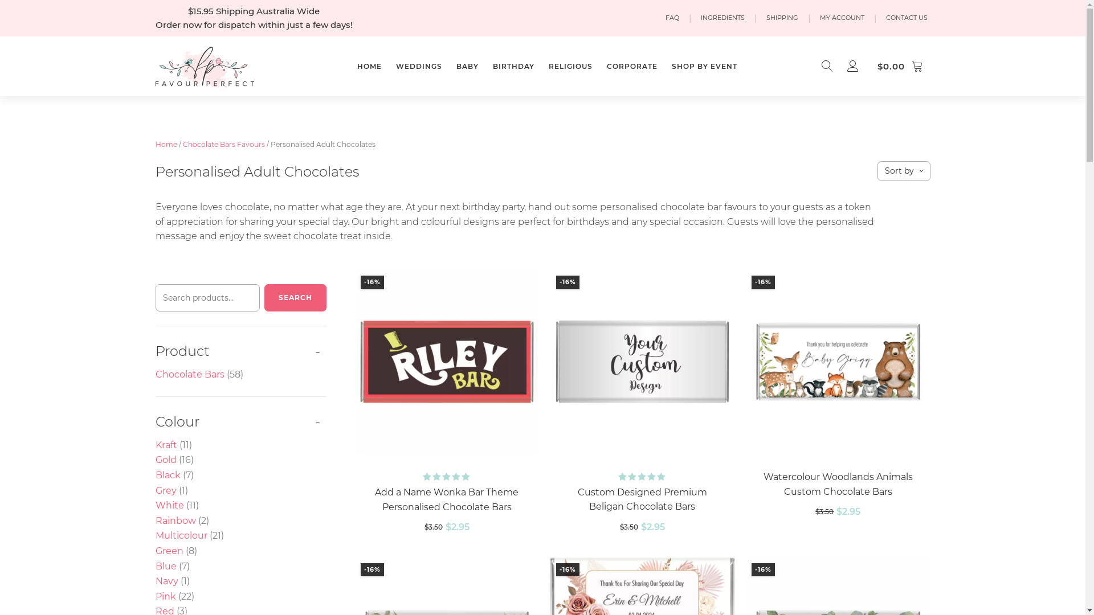  What do you see at coordinates (154, 143) in the screenshot?
I see `'Home'` at bounding box center [154, 143].